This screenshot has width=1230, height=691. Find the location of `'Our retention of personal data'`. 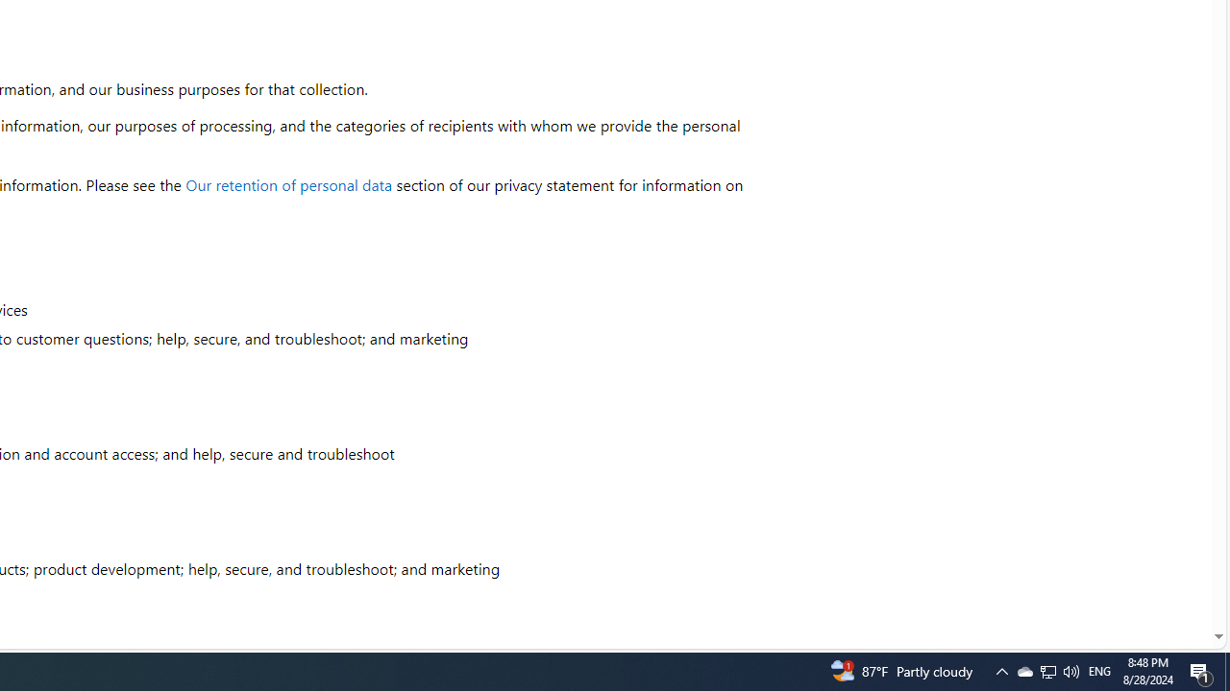

'Our retention of personal data' is located at coordinates (288, 184).